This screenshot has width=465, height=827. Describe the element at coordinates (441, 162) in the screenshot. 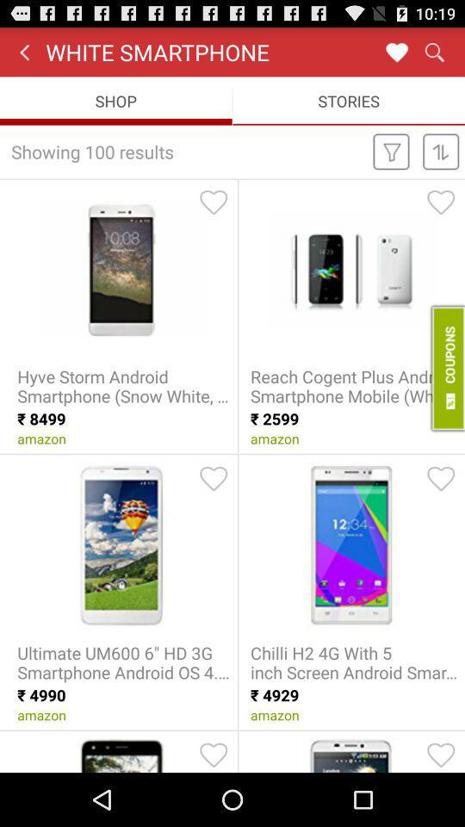

I see `the compare icon` at that location.